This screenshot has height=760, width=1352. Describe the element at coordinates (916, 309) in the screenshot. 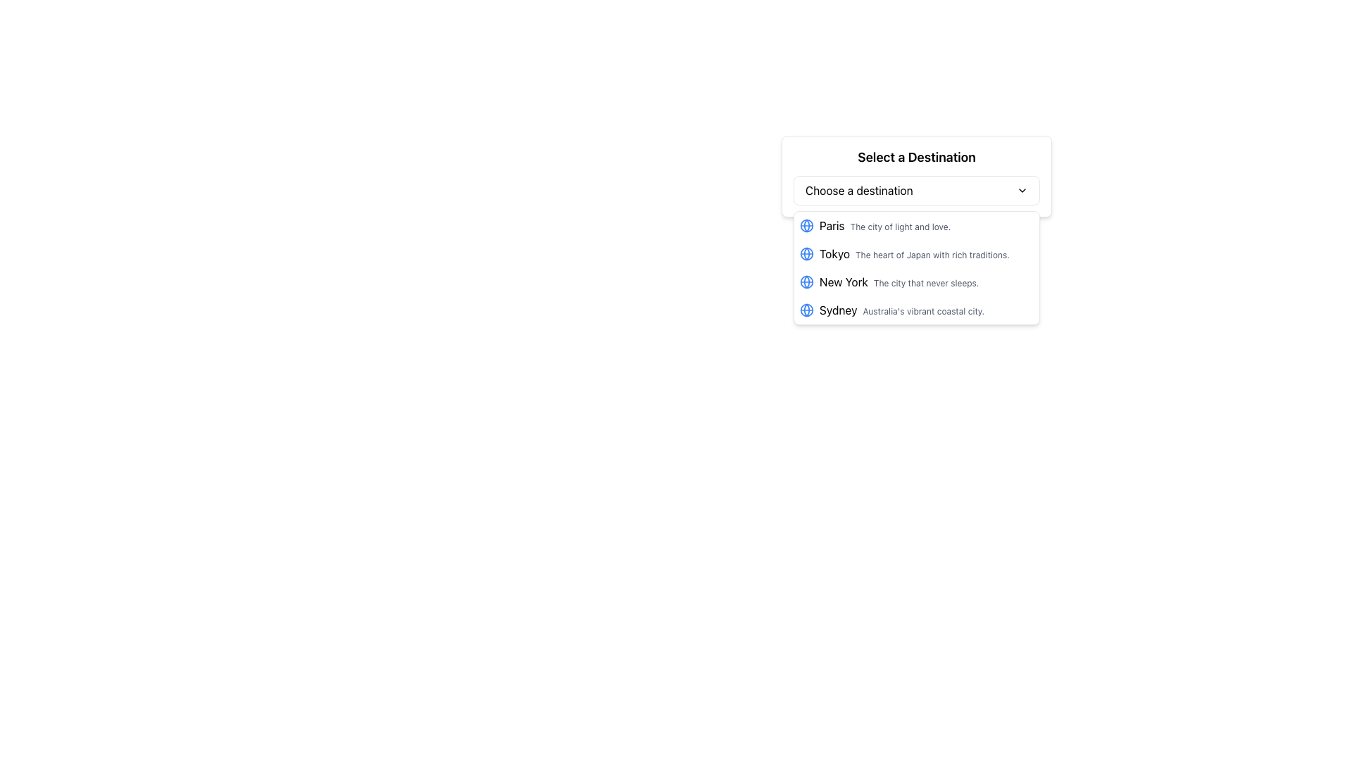

I see `the dropdown menu item for 'Sydney', the fourth entry under 'Select a Destination'` at that location.